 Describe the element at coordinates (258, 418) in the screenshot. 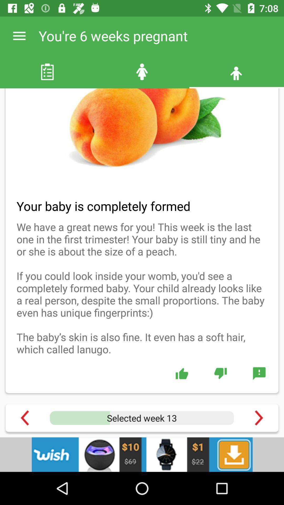

I see `advances to the next page` at that location.